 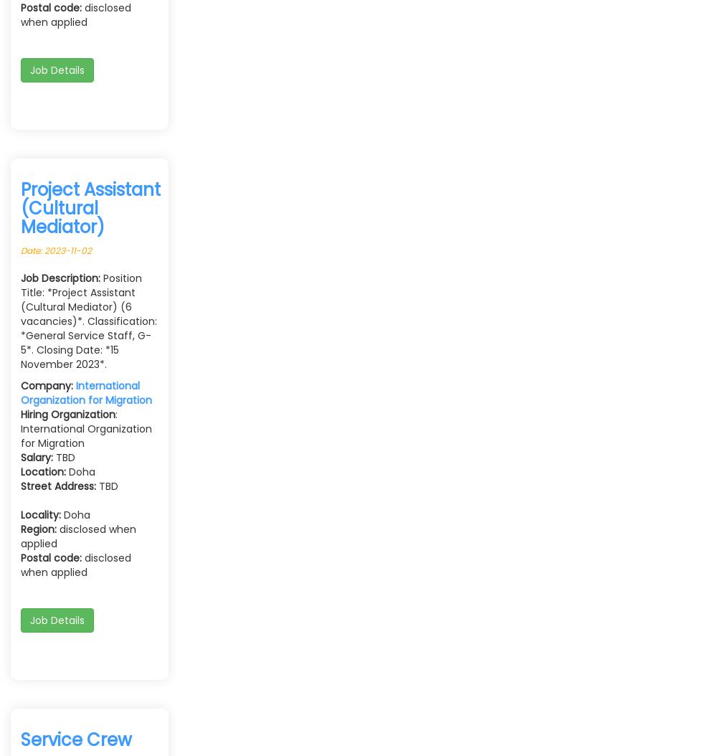 What do you see at coordinates (48, 385) in the screenshot?
I see `'Company:'` at bounding box center [48, 385].